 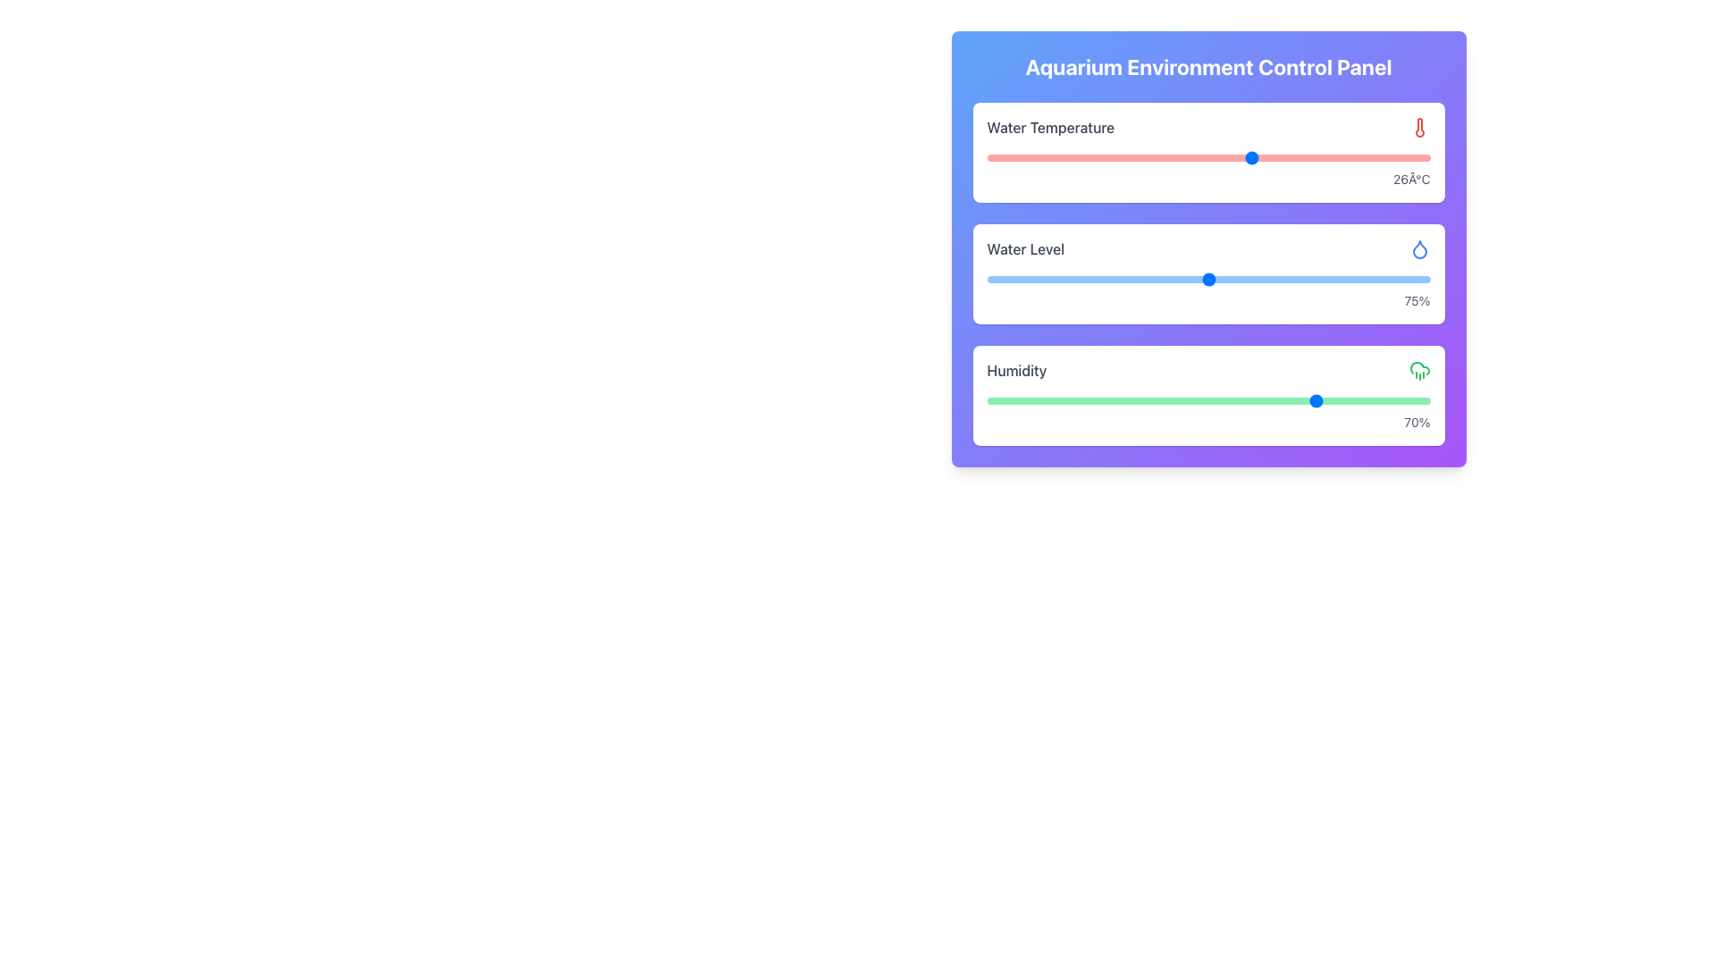 I want to click on the humidity icon located in the rightmost position of the 'Humidity' section in the 'Aquarium Environment Control Panel' interface, so click(x=1418, y=370).